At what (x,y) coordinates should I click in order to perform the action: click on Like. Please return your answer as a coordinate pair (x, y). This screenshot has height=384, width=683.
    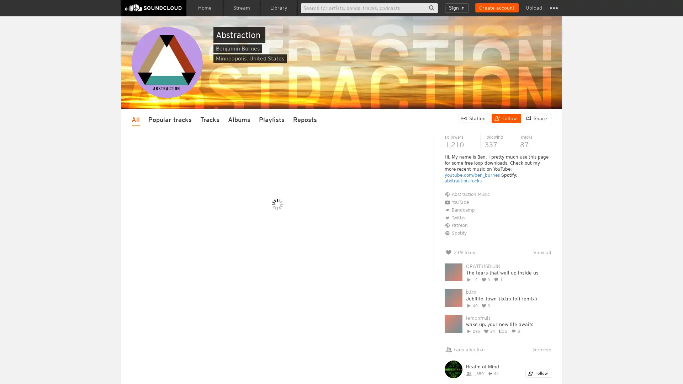
    Looking at the image, I should click on (203, 284).